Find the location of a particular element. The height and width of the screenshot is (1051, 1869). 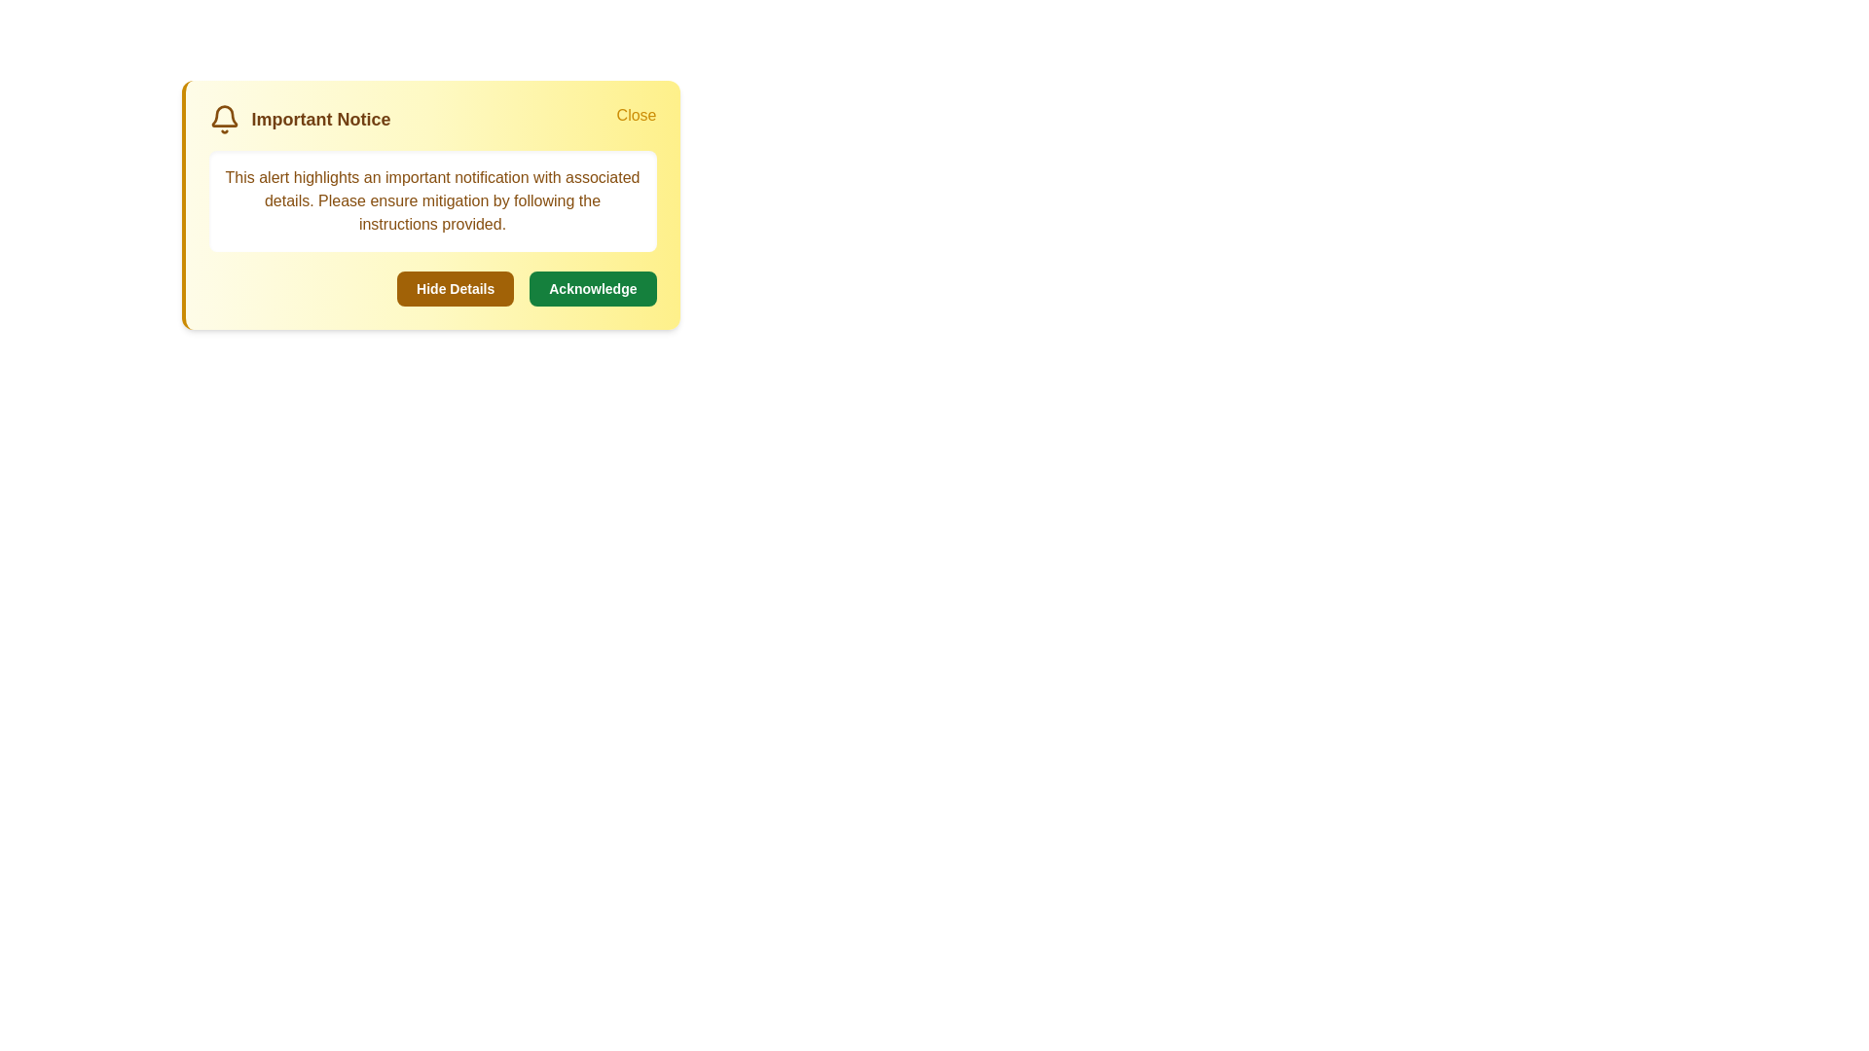

the title 'Important Notice' to focus or highlight it is located at coordinates (298, 120).